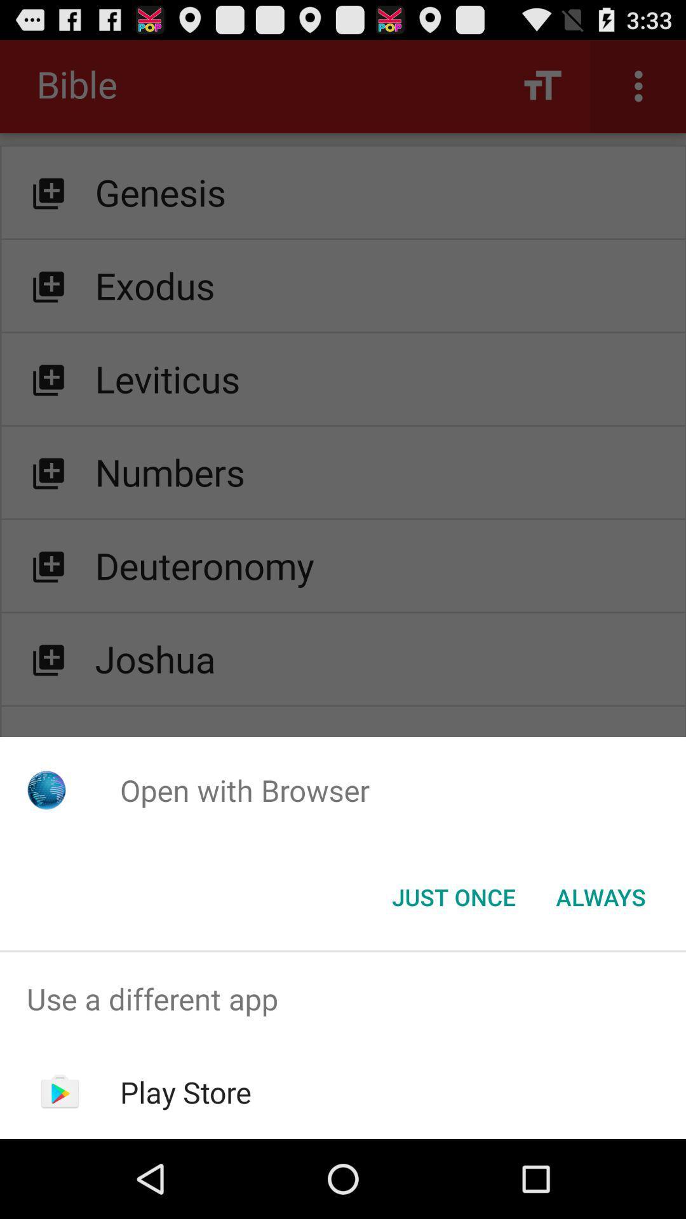  I want to click on the item below use a different item, so click(185, 1091).